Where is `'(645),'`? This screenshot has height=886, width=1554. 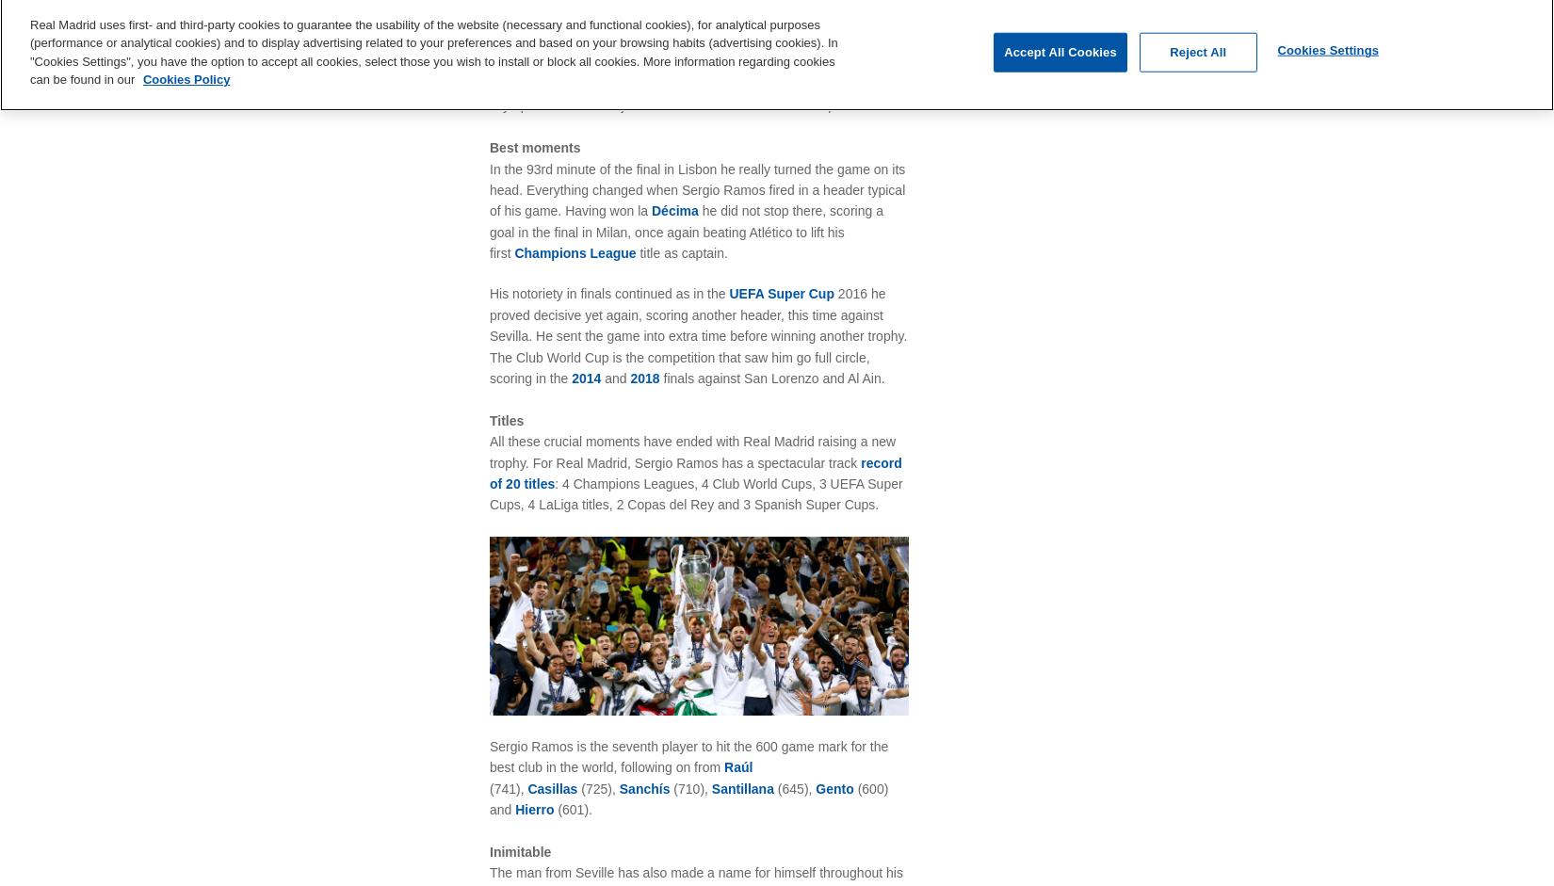 '(645),' is located at coordinates (777, 787).